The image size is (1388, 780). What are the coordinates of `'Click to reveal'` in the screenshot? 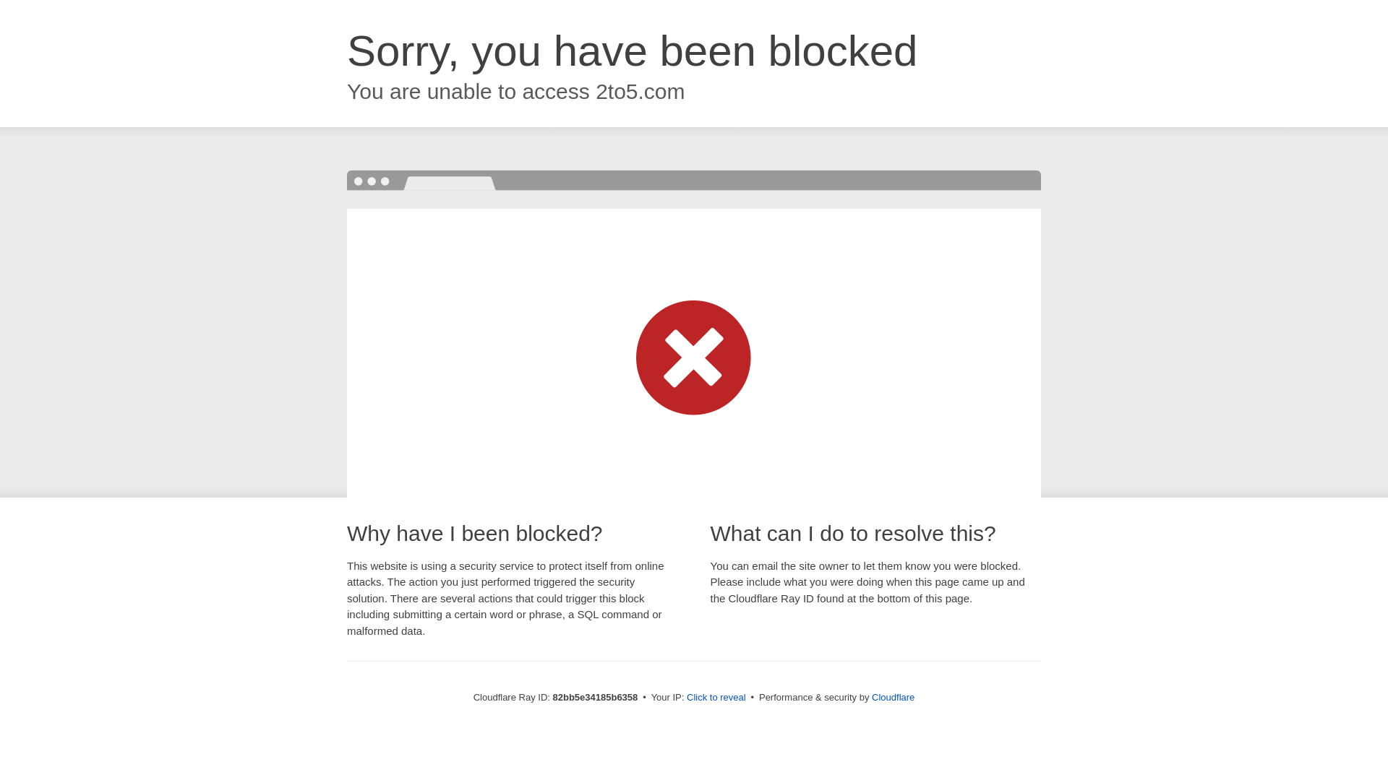 It's located at (716, 696).